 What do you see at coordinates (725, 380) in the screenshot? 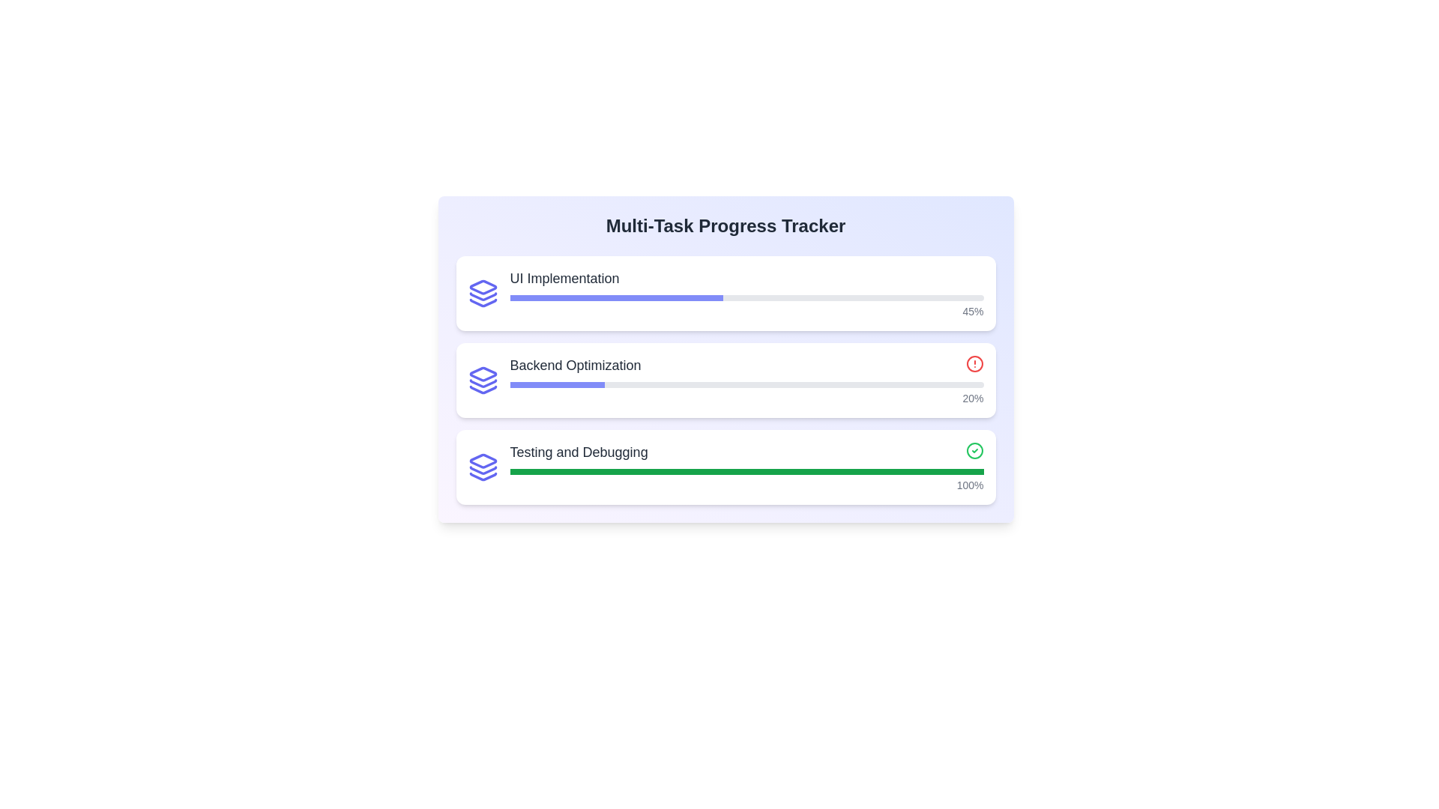
I see `the fill level of the progress bar indicating the 'Backend Optimization' task, which is currently at 20% and marked with a red exclamation icon` at bounding box center [725, 380].